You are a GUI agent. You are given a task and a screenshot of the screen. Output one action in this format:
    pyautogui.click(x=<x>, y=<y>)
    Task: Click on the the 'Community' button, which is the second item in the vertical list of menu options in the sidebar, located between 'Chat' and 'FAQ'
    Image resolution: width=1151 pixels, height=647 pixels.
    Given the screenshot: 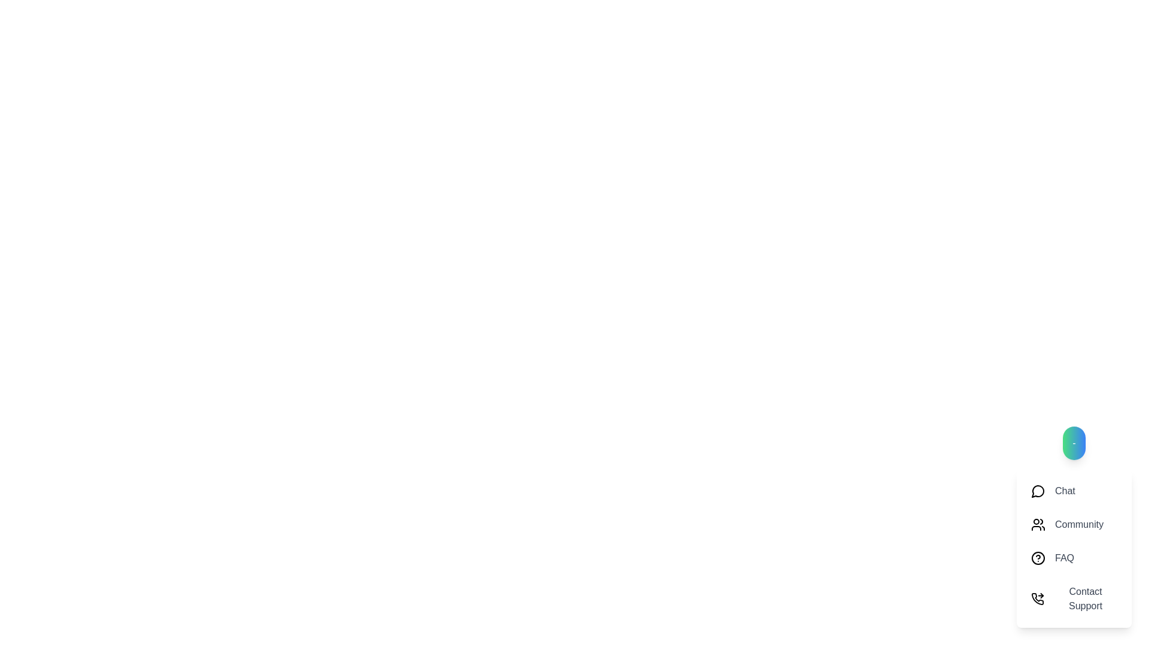 What is the action you would take?
    pyautogui.click(x=1074, y=524)
    